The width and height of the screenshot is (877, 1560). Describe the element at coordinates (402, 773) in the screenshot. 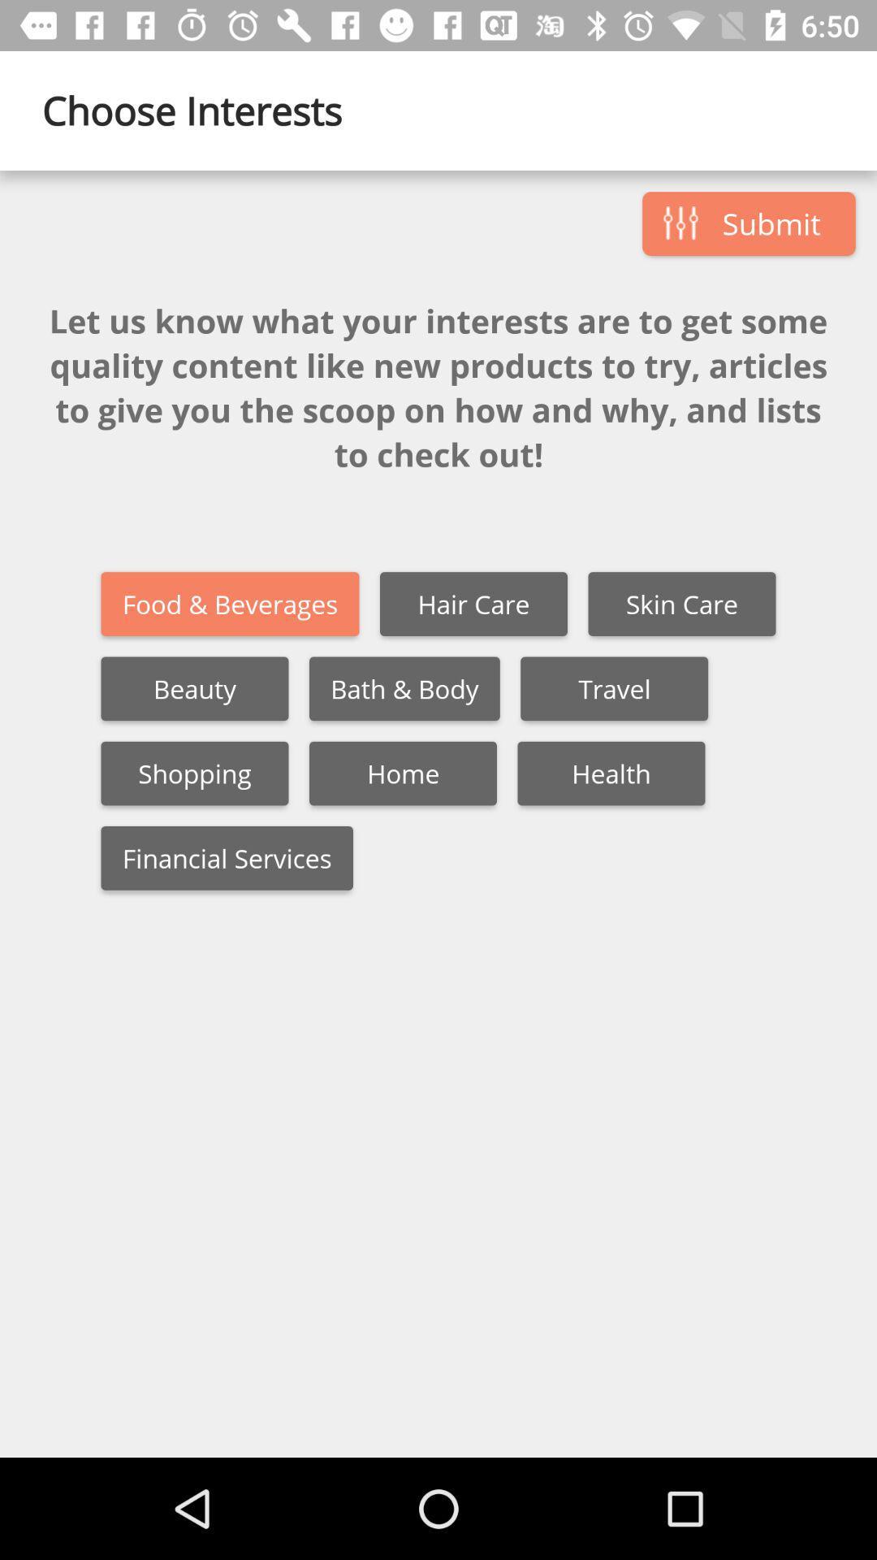

I see `the icon below bath & body icon` at that location.